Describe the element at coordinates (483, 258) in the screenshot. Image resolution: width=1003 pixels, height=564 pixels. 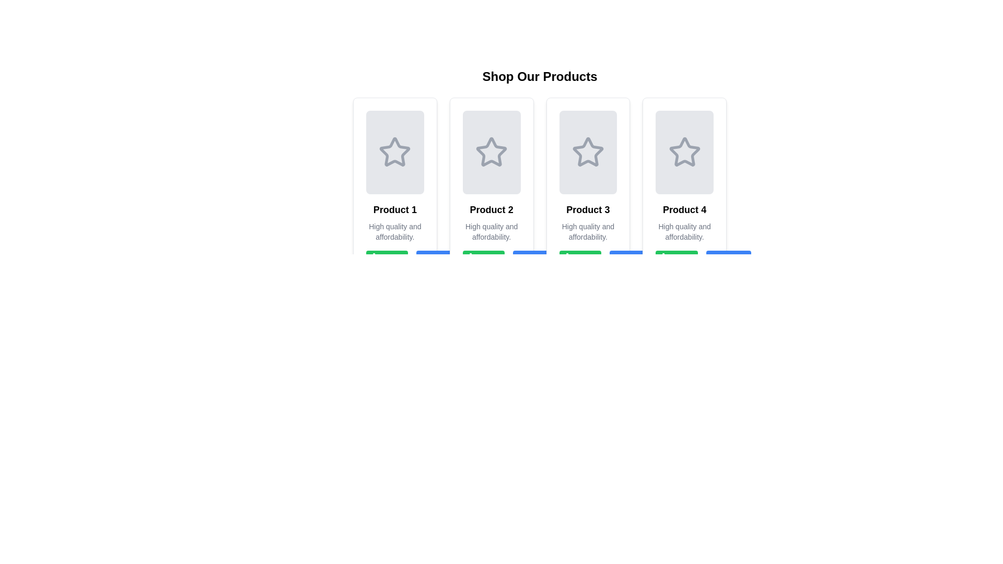
I see `the 'Add' button, which is a rectangular button with a green background and white text, located directly under the second product card in a grid layout` at that location.